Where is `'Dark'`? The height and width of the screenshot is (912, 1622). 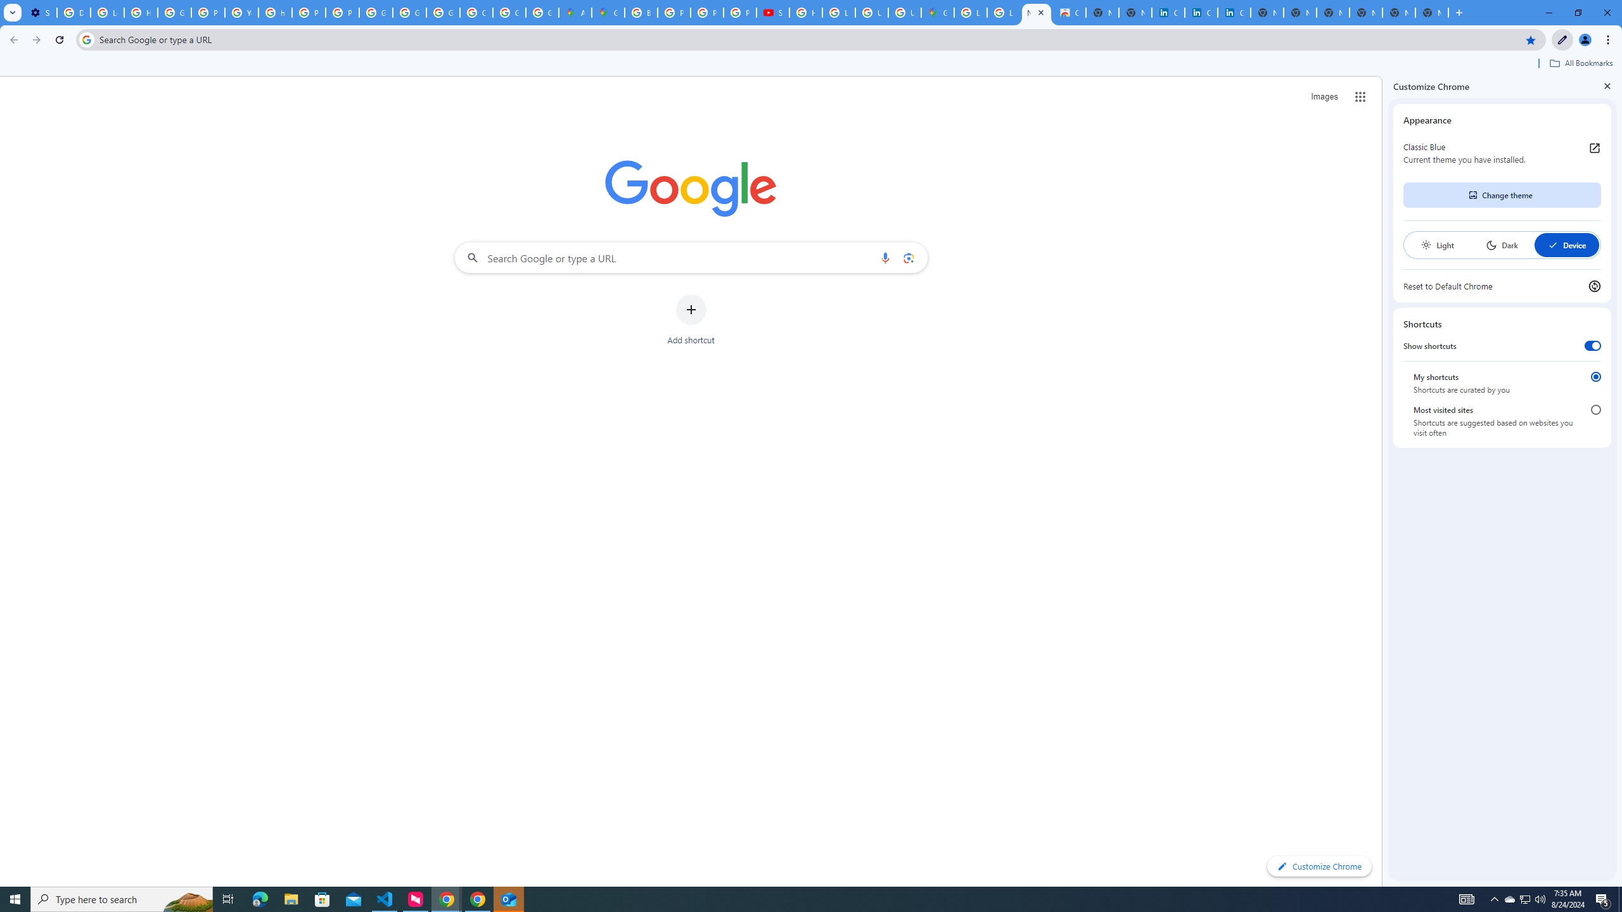 'Dark' is located at coordinates (1501, 244).